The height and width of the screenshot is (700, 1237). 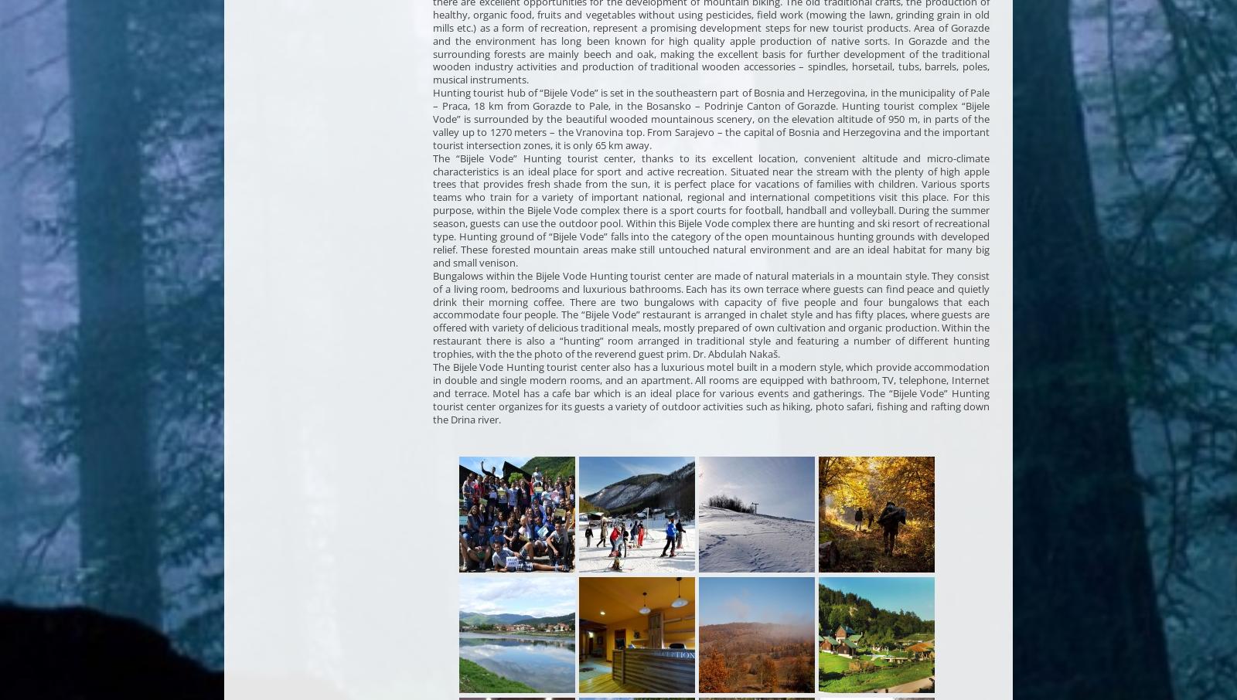 What do you see at coordinates (872, 13) in the screenshot?
I see `'mowing the lawn, grinding'` at bounding box center [872, 13].